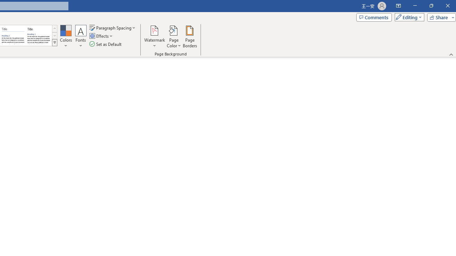  What do you see at coordinates (174, 37) in the screenshot?
I see `'Page Color'` at bounding box center [174, 37].